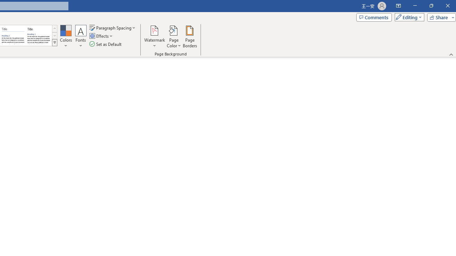  What do you see at coordinates (174, 37) in the screenshot?
I see `'Page Color'` at bounding box center [174, 37].